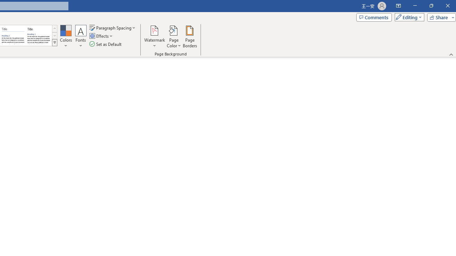  What do you see at coordinates (174, 37) in the screenshot?
I see `'Page Color'` at bounding box center [174, 37].